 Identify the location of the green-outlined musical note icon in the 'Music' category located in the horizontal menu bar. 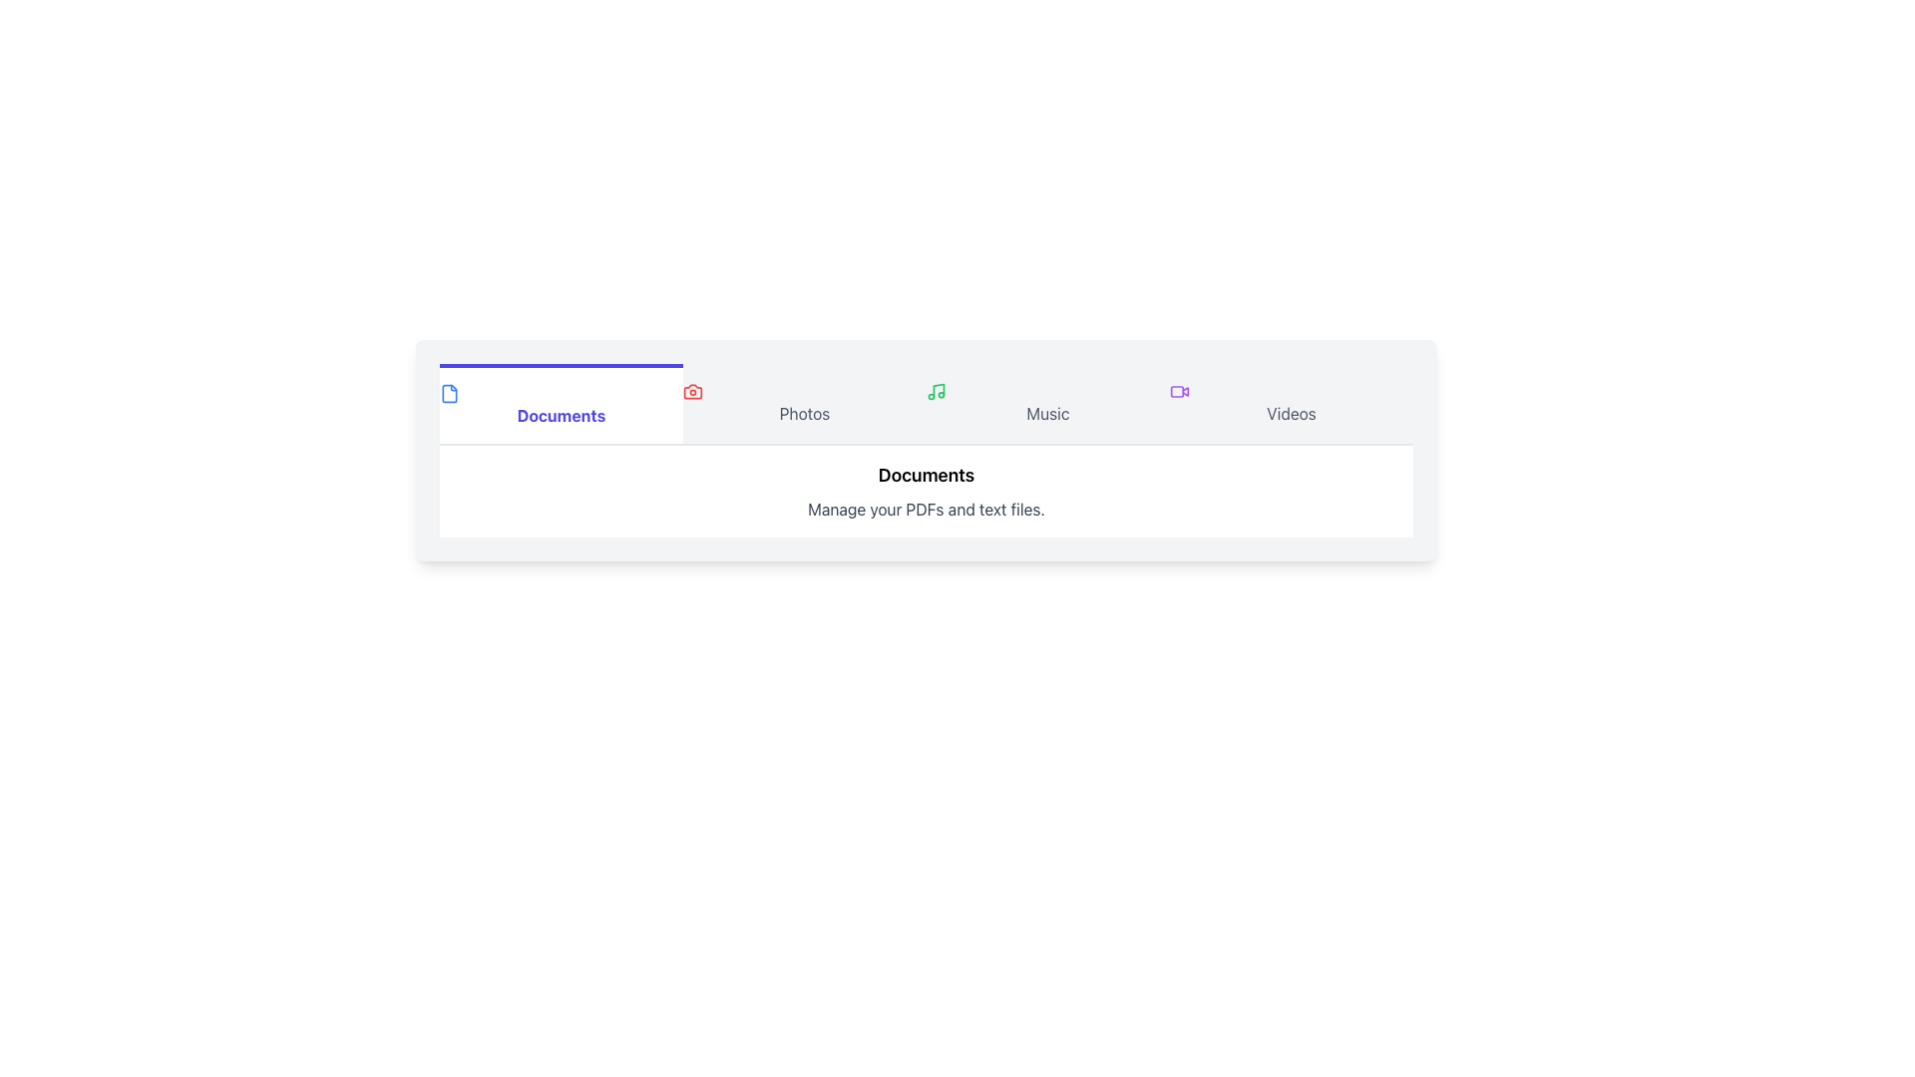
(938, 390).